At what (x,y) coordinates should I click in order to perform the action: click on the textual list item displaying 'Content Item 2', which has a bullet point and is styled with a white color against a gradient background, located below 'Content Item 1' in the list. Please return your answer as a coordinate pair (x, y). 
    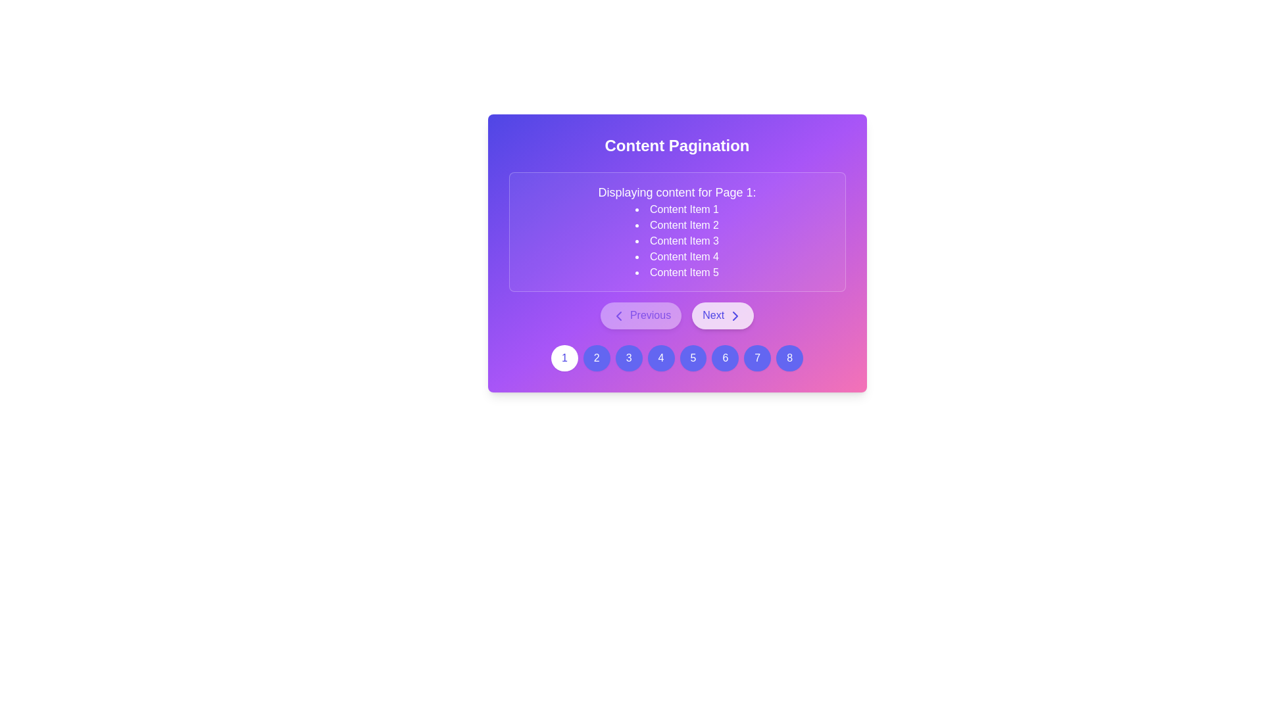
    Looking at the image, I should click on (677, 225).